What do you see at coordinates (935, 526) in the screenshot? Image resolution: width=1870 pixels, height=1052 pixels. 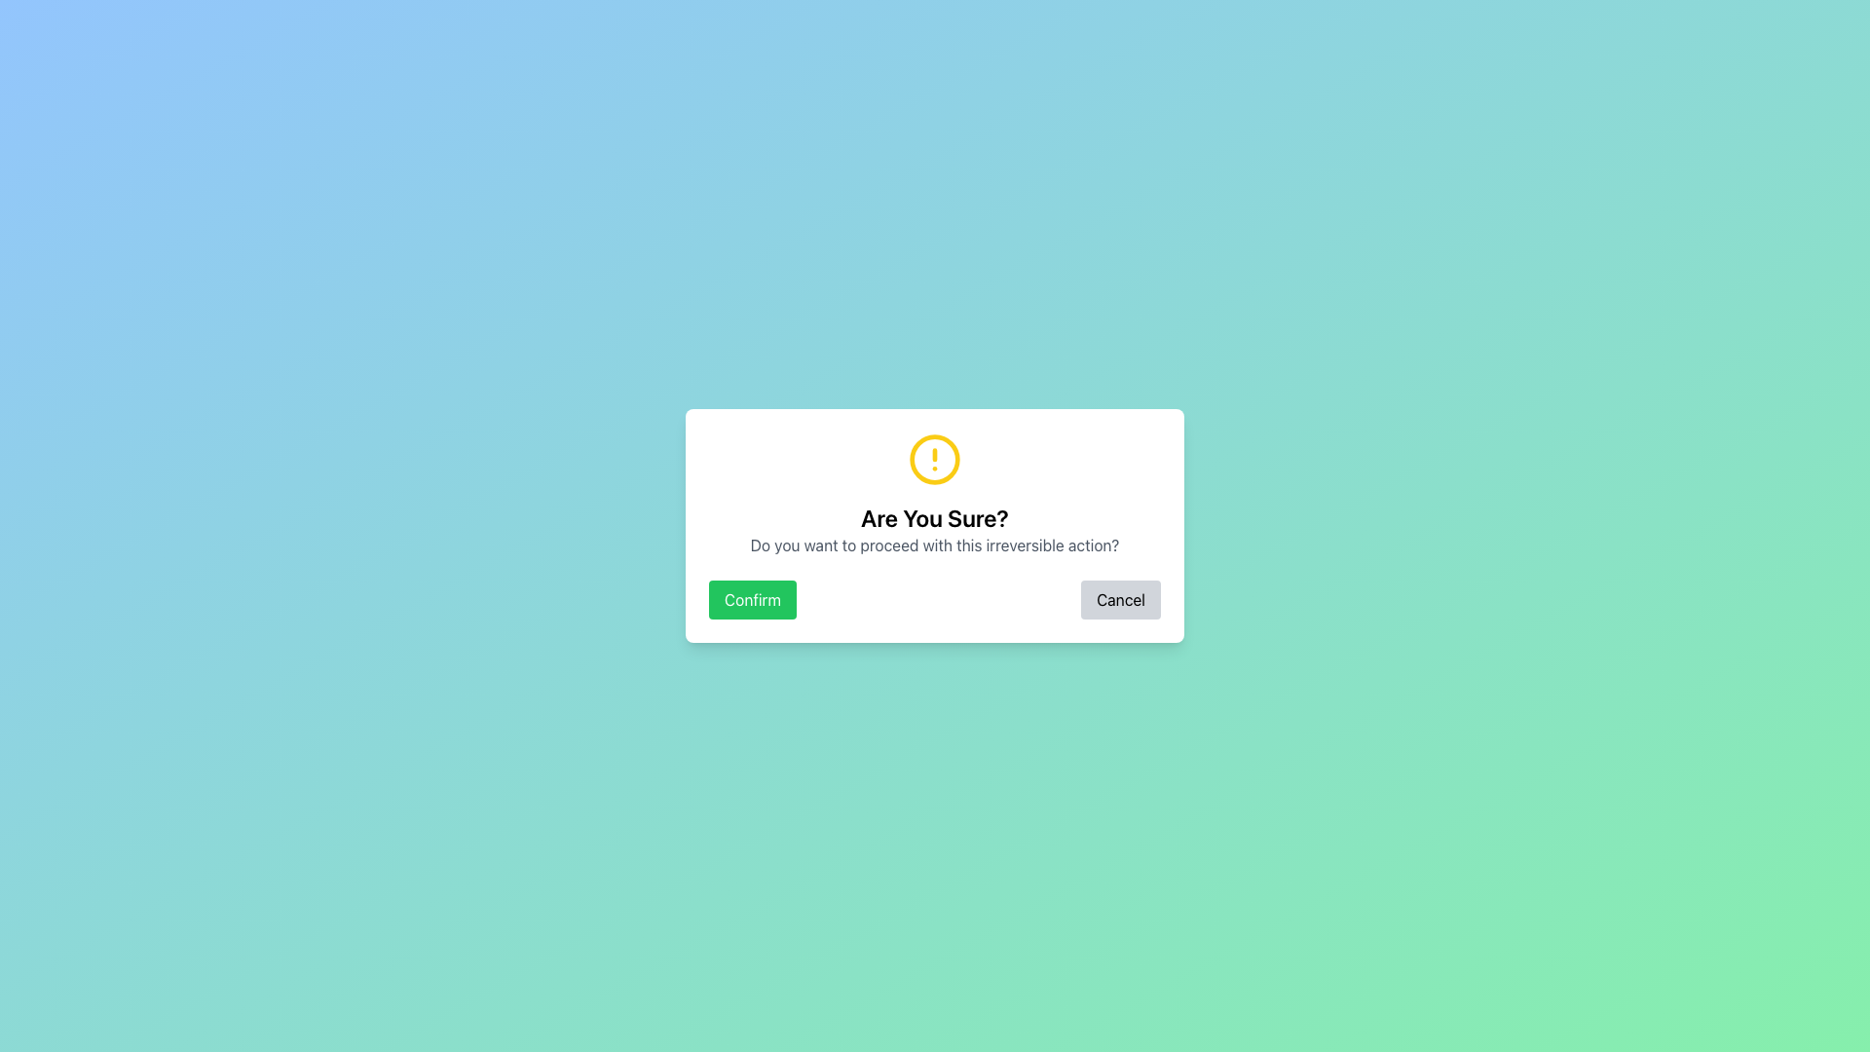 I see `warning message from the dialog box that asks 'Are You Sure?' and states 'Do you want to proceed with this irreversible action?'` at bounding box center [935, 526].